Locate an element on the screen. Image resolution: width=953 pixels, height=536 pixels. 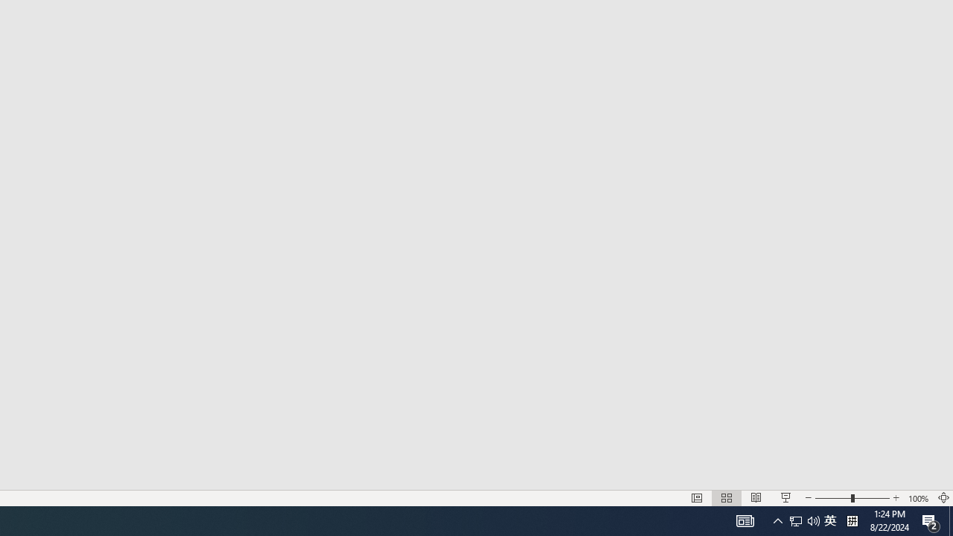
'Zoom In' is located at coordinates (896, 498).